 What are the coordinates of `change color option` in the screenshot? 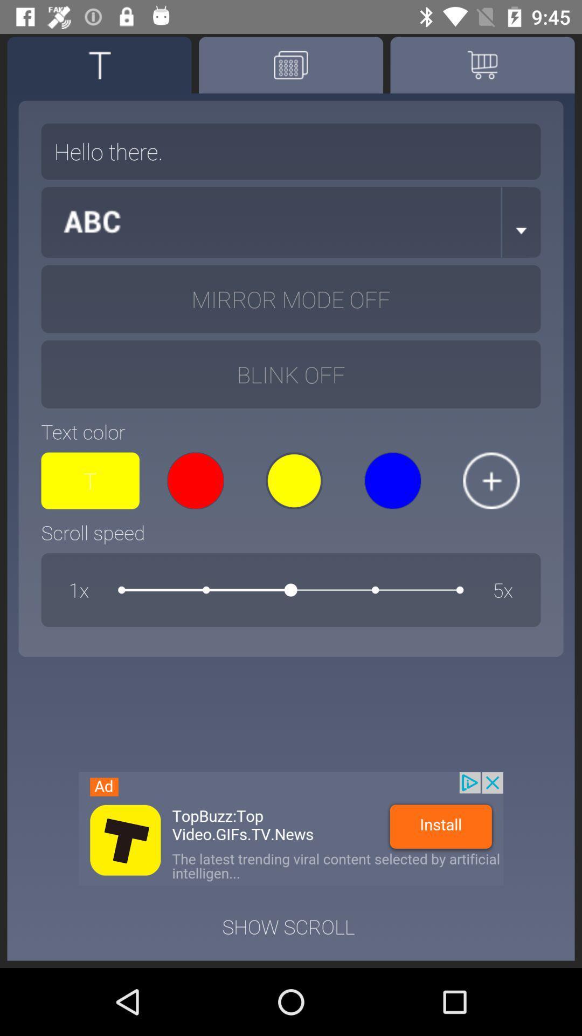 It's located at (491, 480).